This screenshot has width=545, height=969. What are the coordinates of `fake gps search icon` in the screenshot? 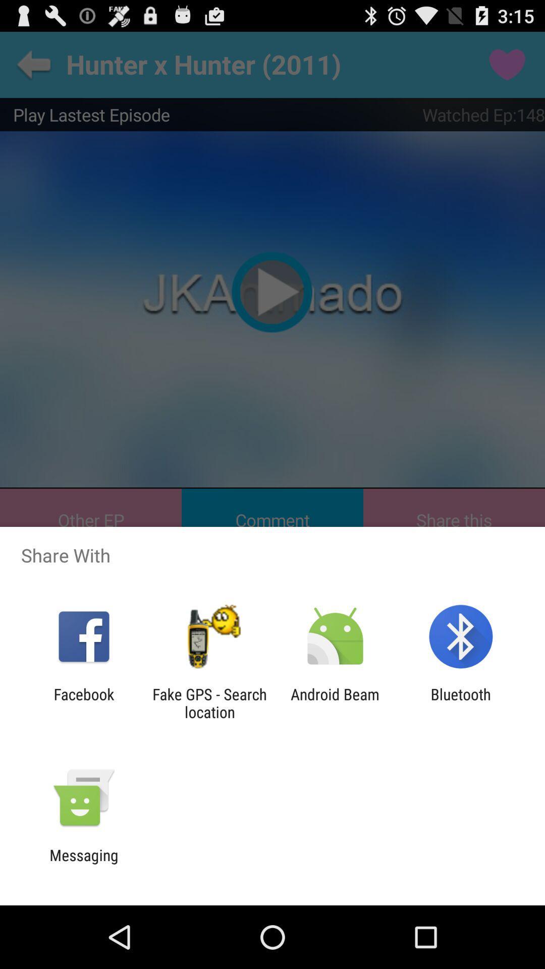 It's located at (209, 703).